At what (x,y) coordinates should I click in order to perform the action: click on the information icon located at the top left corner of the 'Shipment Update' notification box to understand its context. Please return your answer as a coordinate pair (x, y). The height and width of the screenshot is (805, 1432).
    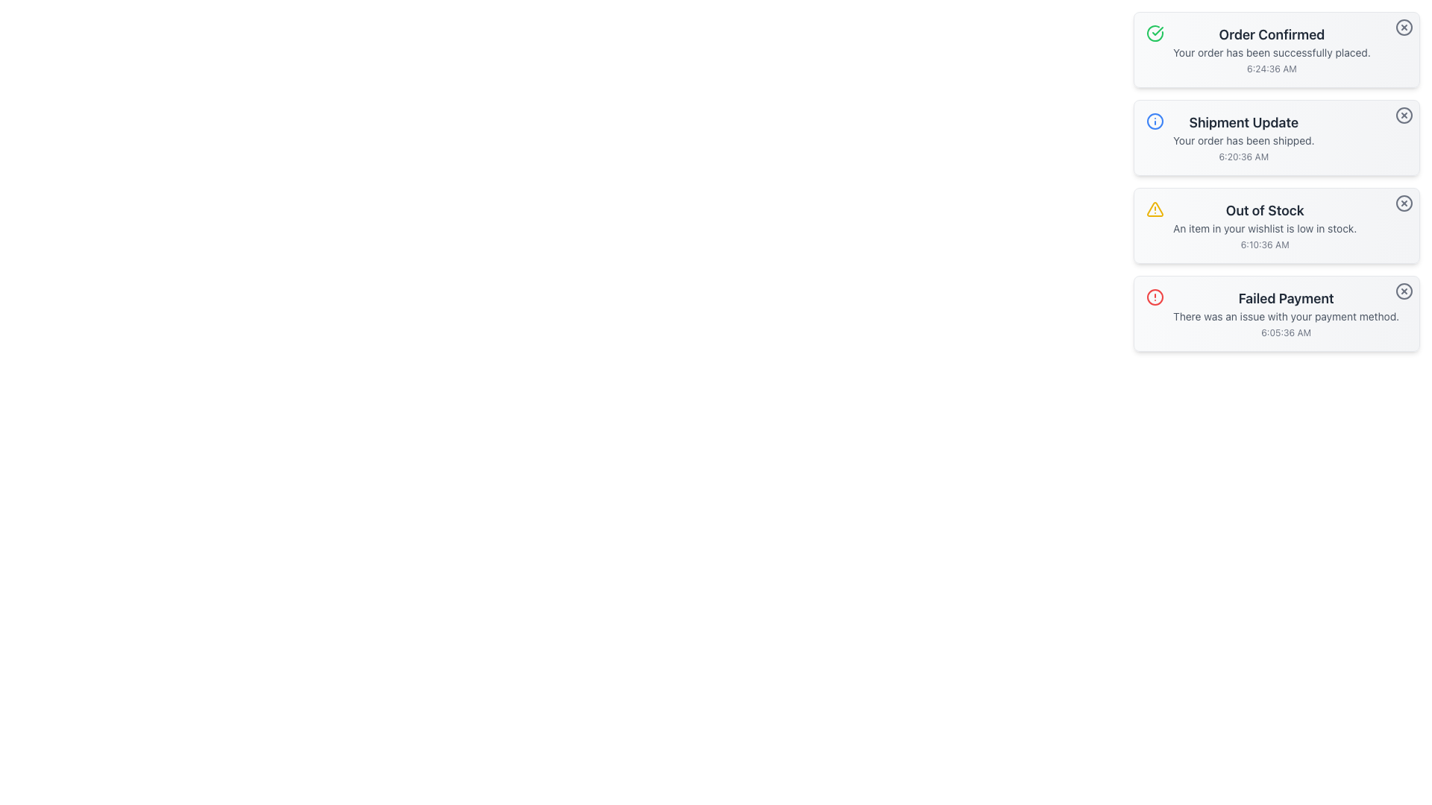
    Looking at the image, I should click on (1155, 120).